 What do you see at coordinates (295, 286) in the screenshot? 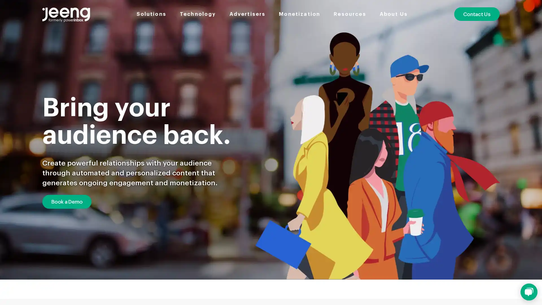
I see `Go to slide 4` at bounding box center [295, 286].